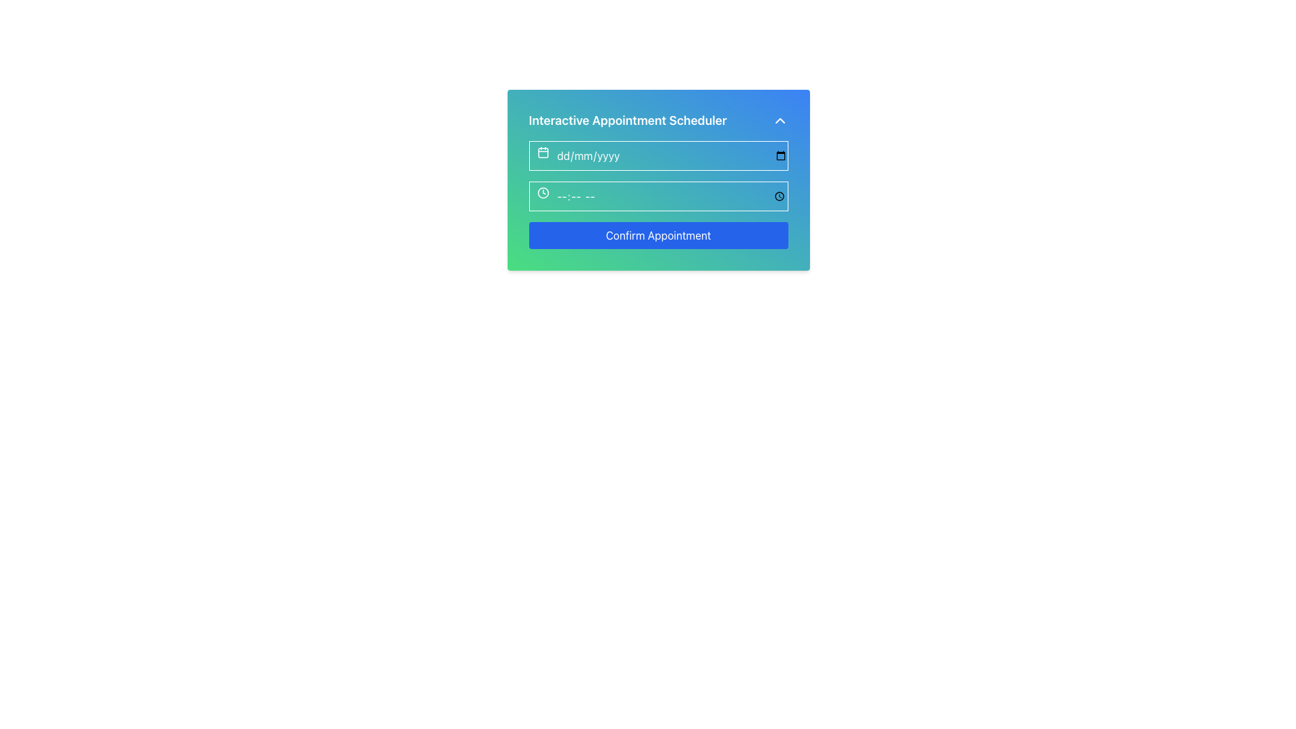 The image size is (1296, 729). Describe the element at coordinates (658, 234) in the screenshot. I see `the rectangular button with a blue background and white text labeled 'Confirm Appointment' to confirm the appointment` at that location.